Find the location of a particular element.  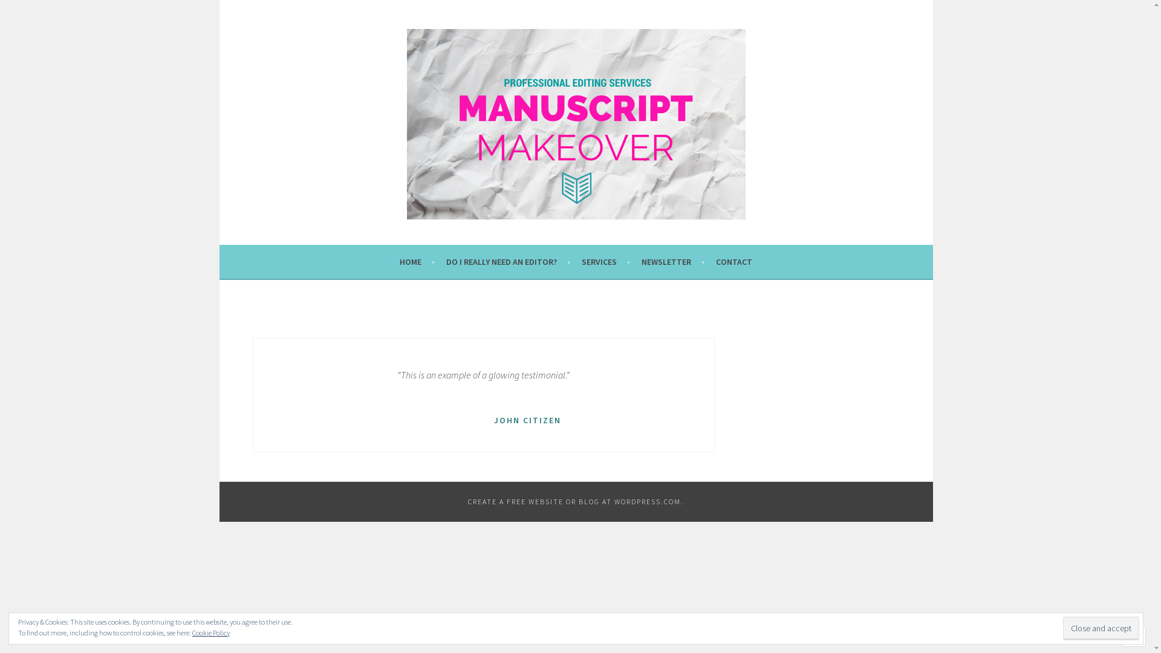

'SERVICES' is located at coordinates (606, 261).